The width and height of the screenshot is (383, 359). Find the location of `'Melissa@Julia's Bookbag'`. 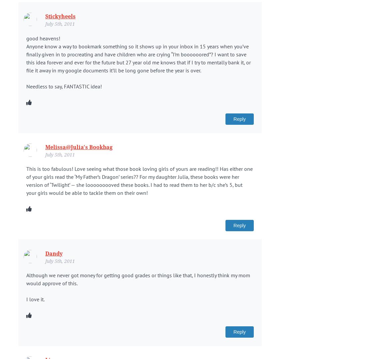

'Melissa@Julia's Bookbag' is located at coordinates (79, 147).